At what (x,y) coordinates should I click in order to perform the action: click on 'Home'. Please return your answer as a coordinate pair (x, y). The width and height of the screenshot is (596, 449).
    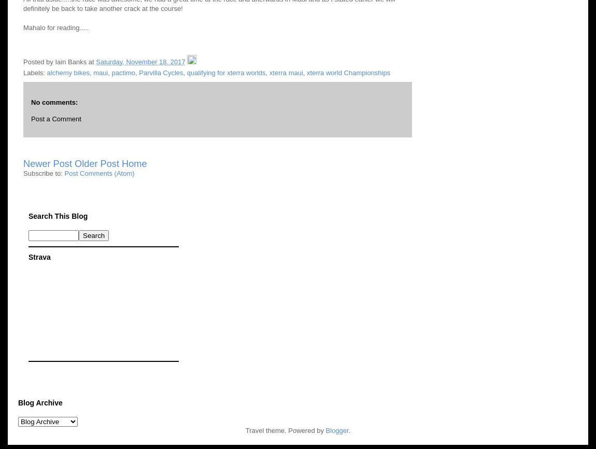
    Looking at the image, I should click on (121, 163).